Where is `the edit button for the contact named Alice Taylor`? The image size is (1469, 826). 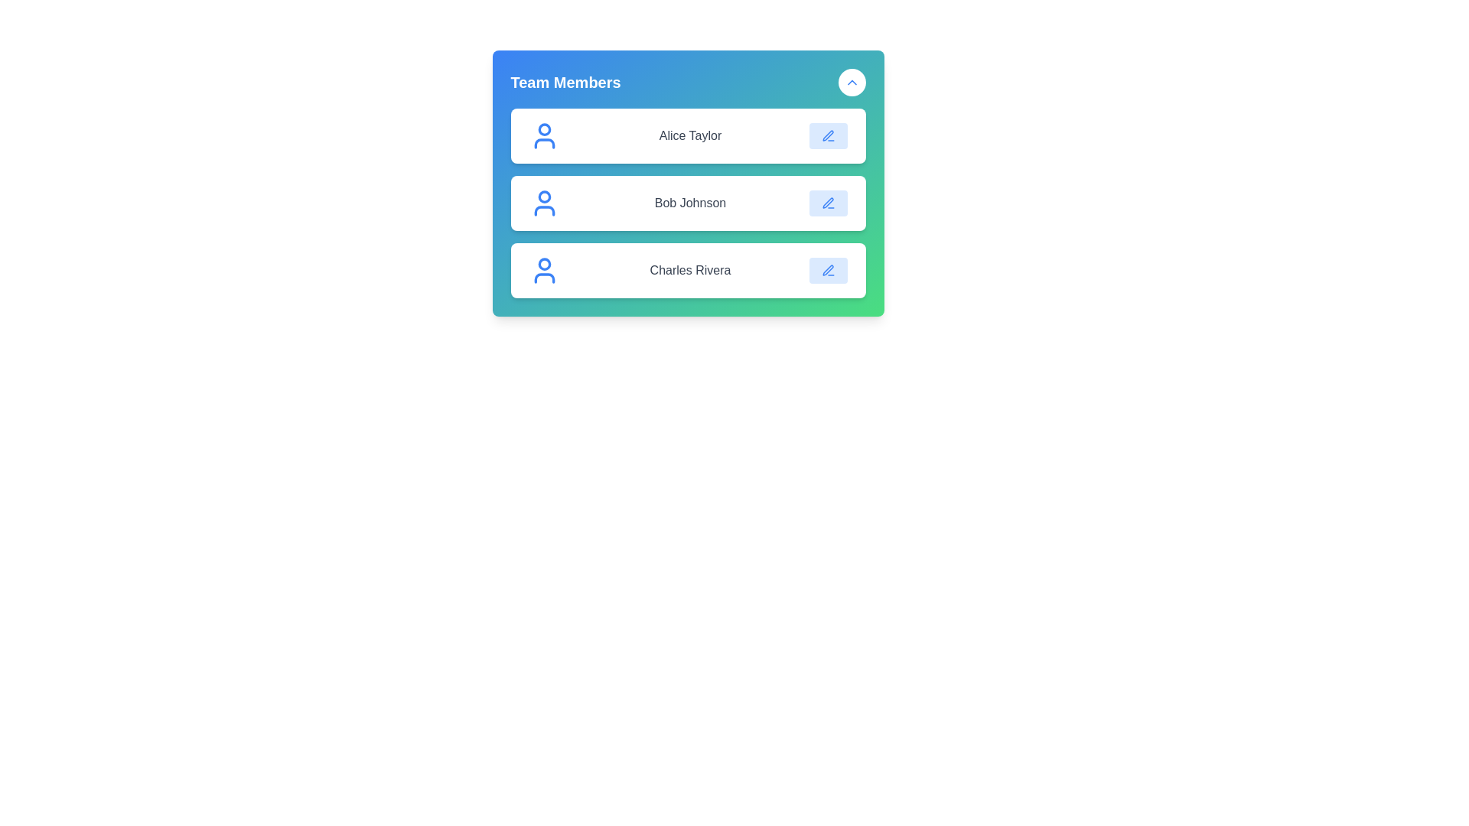 the edit button for the contact named Alice Taylor is located at coordinates (827, 135).